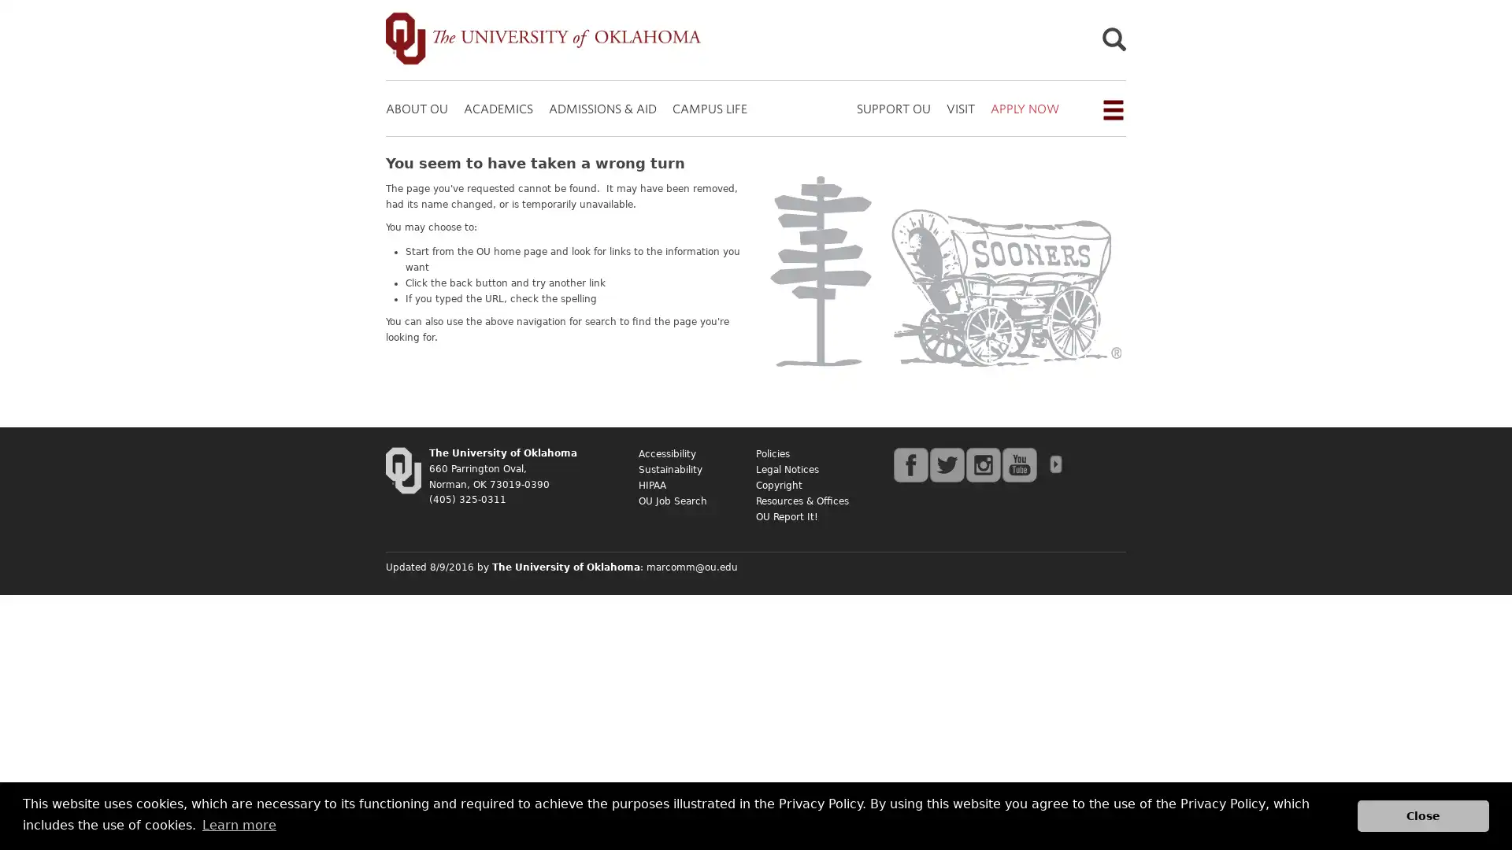 This screenshot has width=1512, height=850. What do you see at coordinates (1113, 42) in the screenshot?
I see `Open Search` at bounding box center [1113, 42].